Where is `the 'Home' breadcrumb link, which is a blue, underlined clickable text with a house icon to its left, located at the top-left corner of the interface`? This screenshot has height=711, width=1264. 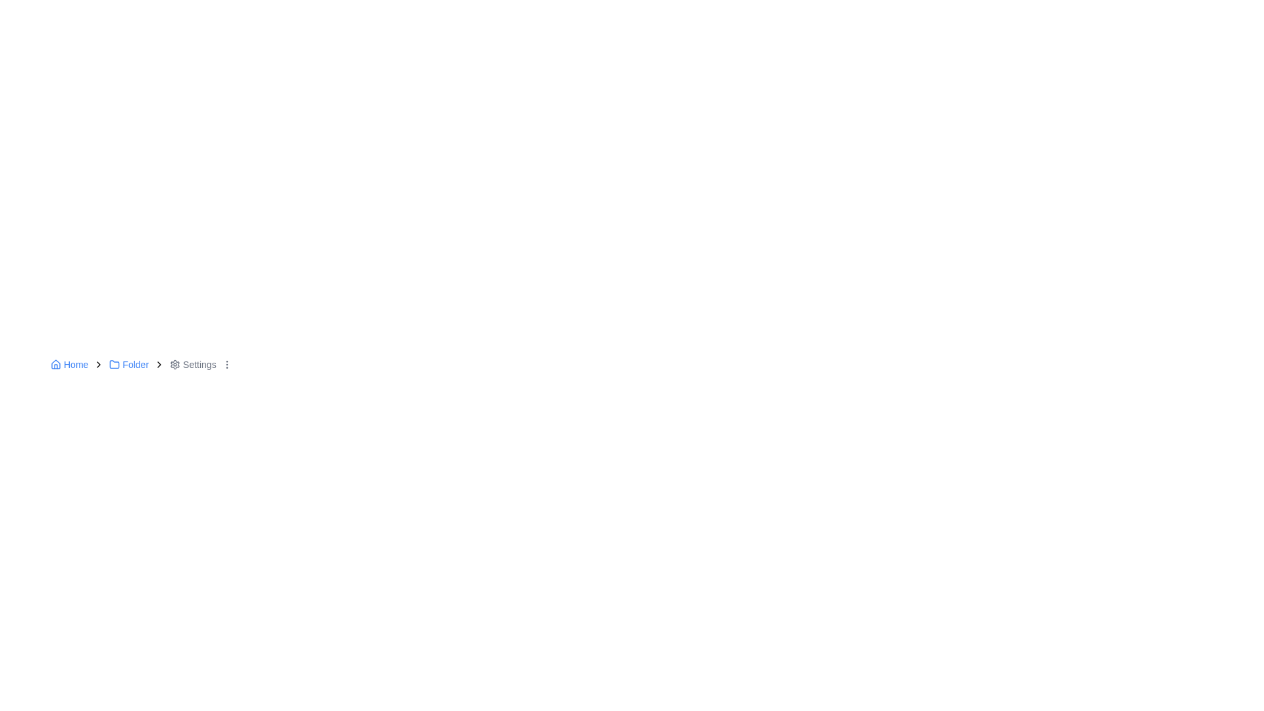 the 'Home' breadcrumb link, which is a blue, underlined clickable text with a house icon to its left, located at the top-left corner of the interface is located at coordinates (68, 365).